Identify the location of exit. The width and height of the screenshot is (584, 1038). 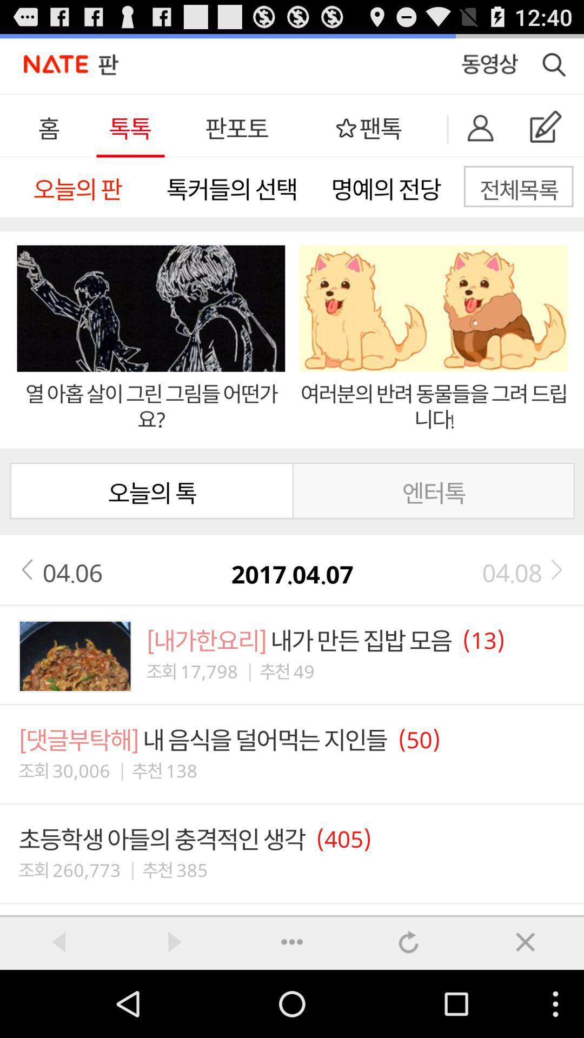
(525, 941).